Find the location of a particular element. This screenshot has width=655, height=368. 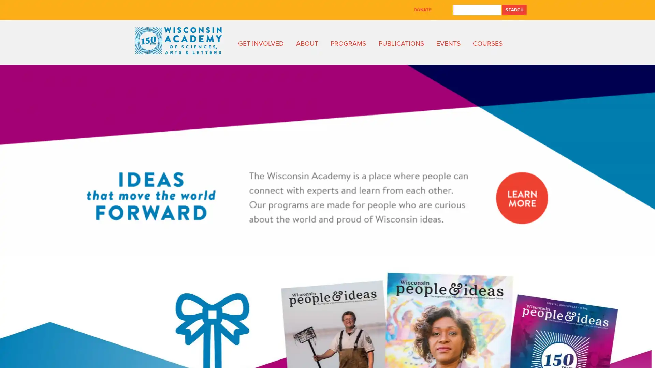

Search is located at coordinates (514, 10).